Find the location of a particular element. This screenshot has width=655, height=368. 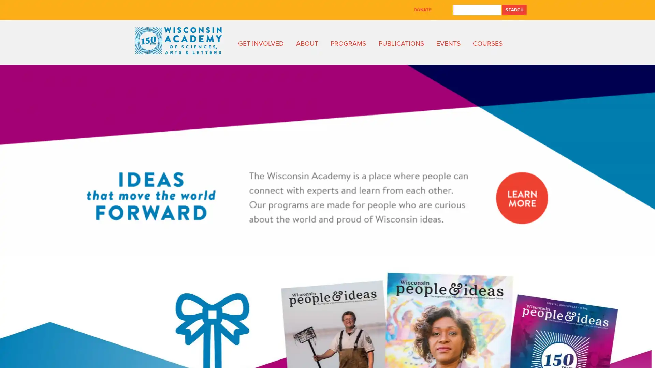

Search is located at coordinates (514, 10).